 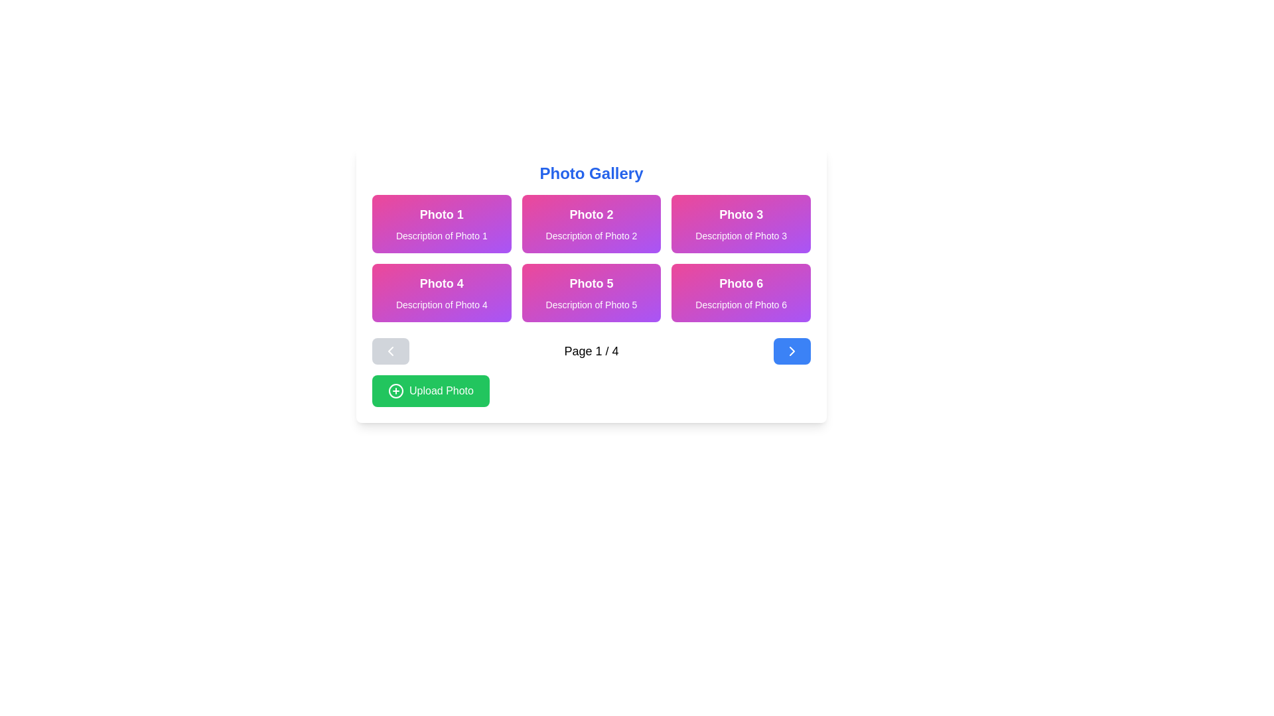 I want to click on the circular icon with a plus symbol inside the green 'Upload Photo' button to initiate the upload process, so click(x=395, y=390).